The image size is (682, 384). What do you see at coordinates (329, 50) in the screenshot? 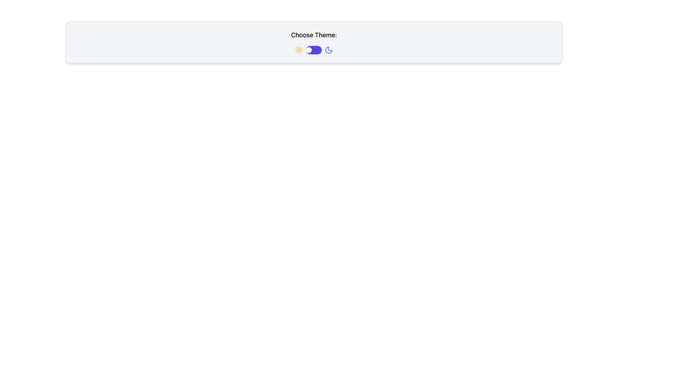
I see `the dark mode theme icon, which is a static indicator representing the darker theme, located to the right of the toggle button and next to the sun icon` at bounding box center [329, 50].